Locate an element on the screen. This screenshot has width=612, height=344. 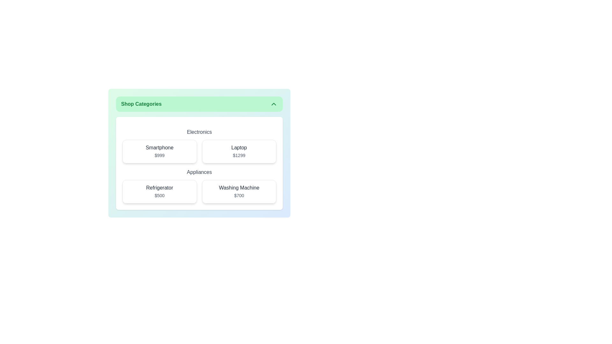
the price label for the smartphone located below the 'Smartphone' text in the upper-left area of the main content grid is located at coordinates (159, 155).